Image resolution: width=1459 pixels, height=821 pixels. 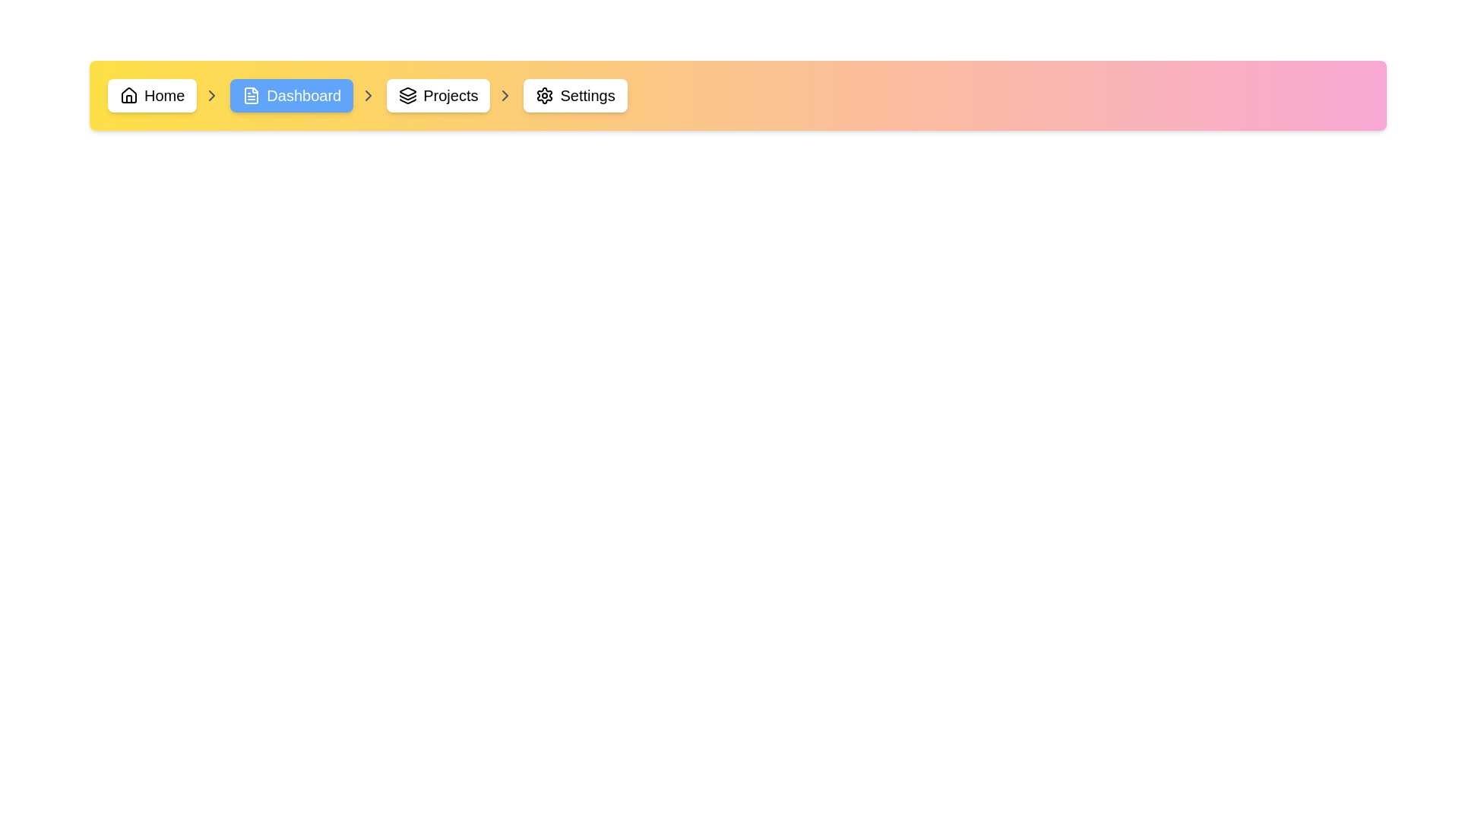 I want to click on the 'Settings' navigation button, so click(x=574, y=96).